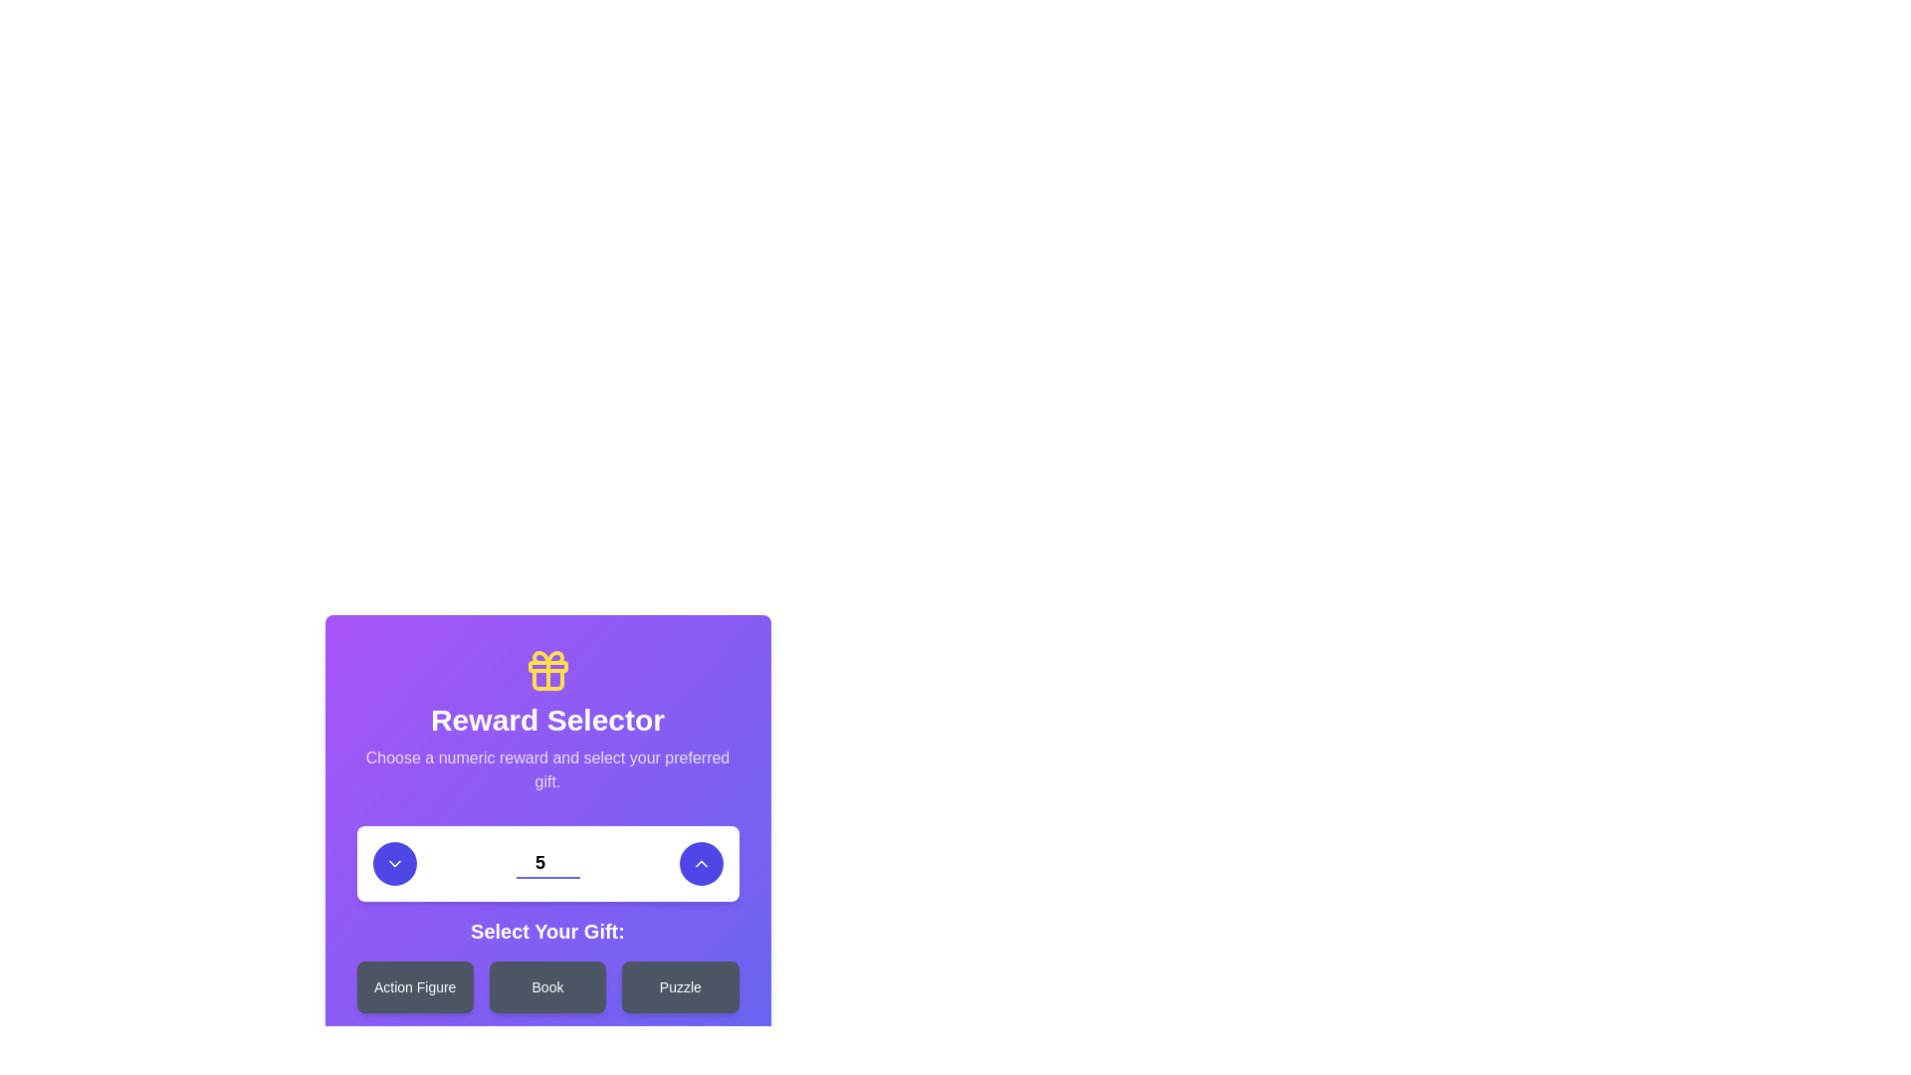  Describe the element at coordinates (680, 986) in the screenshot. I see `the 'Puzzle' button, which is a rectangular button with a dark gray background and white text` at that location.